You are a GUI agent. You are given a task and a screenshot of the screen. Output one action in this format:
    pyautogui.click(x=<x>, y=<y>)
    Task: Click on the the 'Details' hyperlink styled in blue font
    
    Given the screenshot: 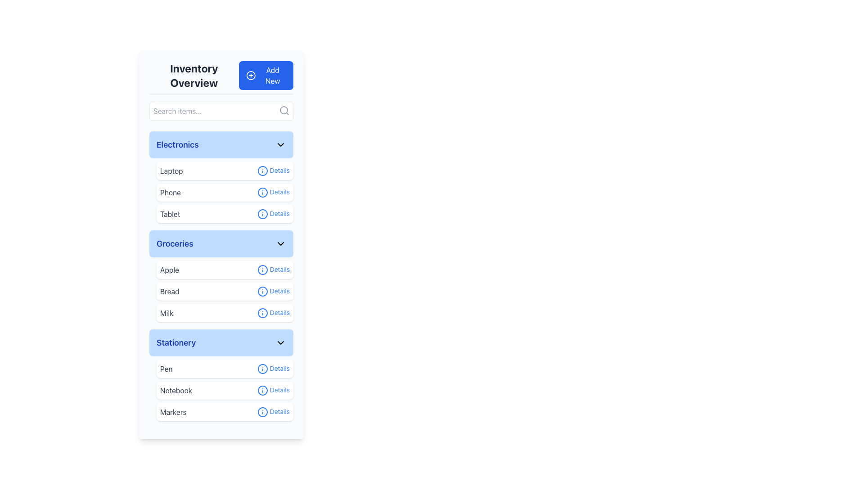 What is the action you would take?
    pyautogui.click(x=273, y=312)
    